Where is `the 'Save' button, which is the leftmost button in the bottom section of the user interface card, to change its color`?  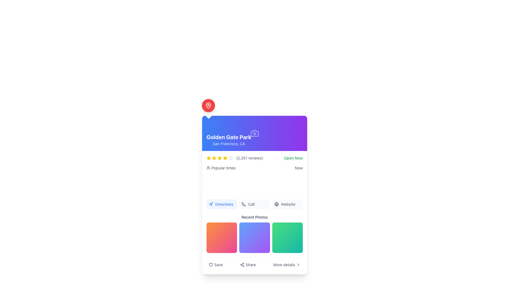
the 'Save' button, which is the leftmost button in the bottom section of the user interface card, to change its color is located at coordinates (215, 265).